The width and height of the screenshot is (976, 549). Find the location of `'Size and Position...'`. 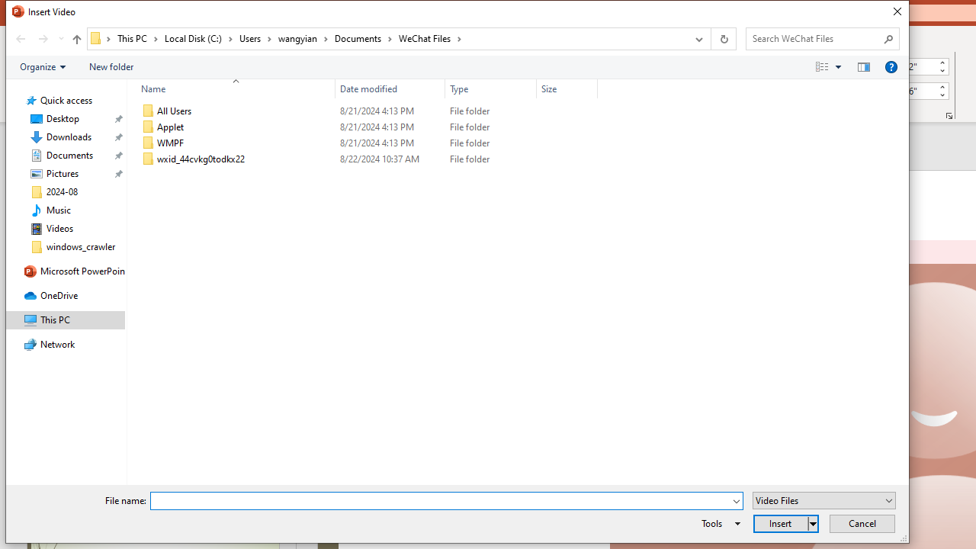

'Size and Position...' is located at coordinates (948, 114).